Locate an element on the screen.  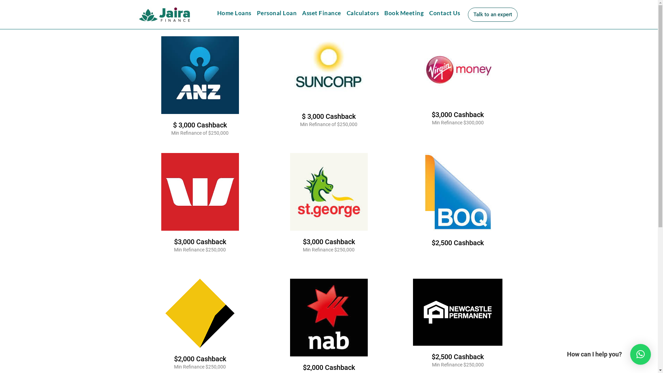
'Calculators' is located at coordinates (363, 13).